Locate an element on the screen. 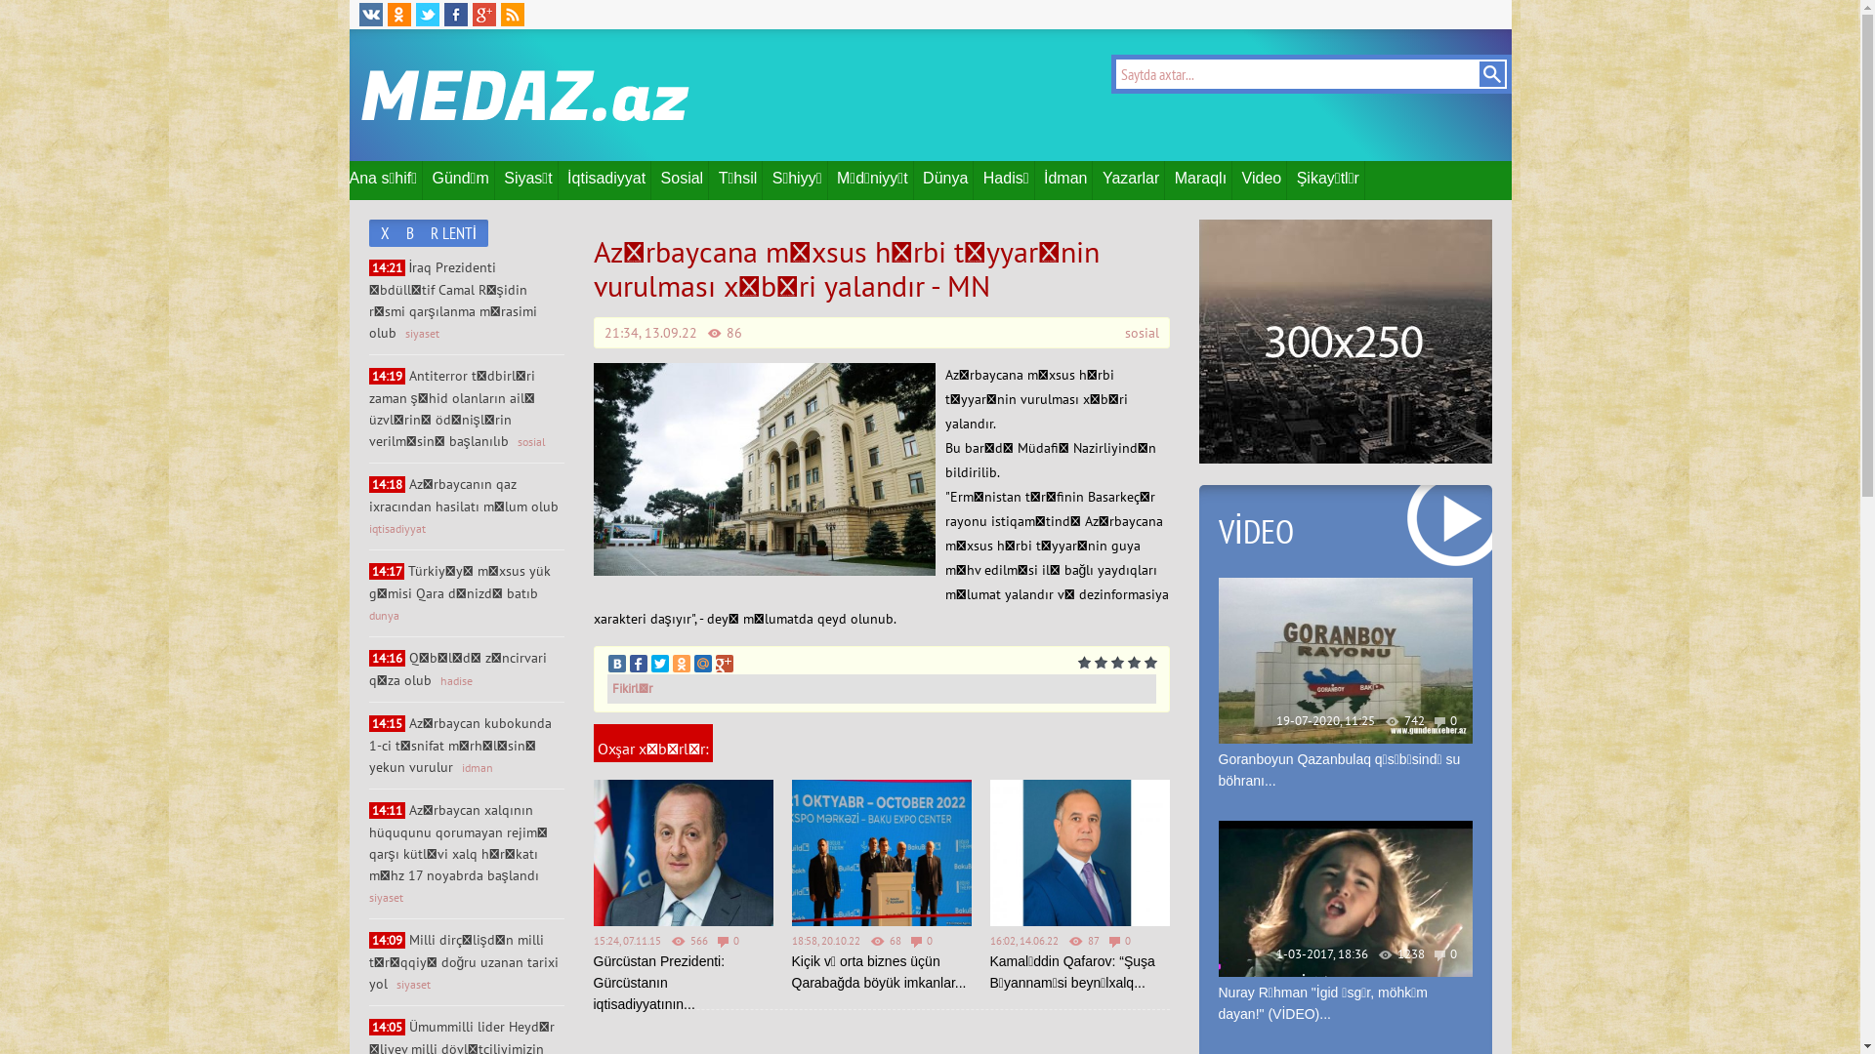  'Google Plus' is located at coordinates (483, 15).